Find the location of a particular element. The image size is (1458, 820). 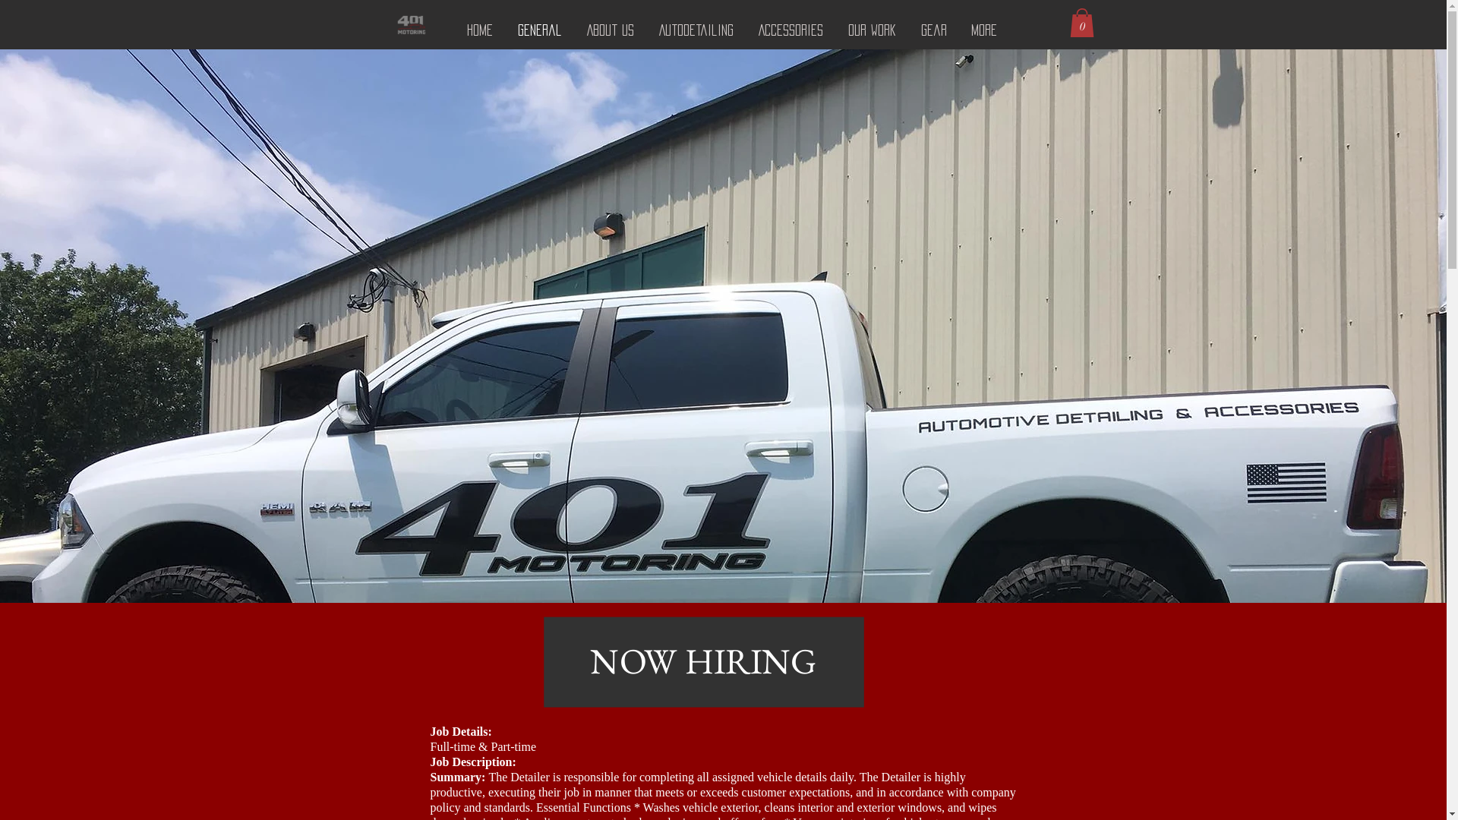

'Our Work' is located at coordinates (871, 30).